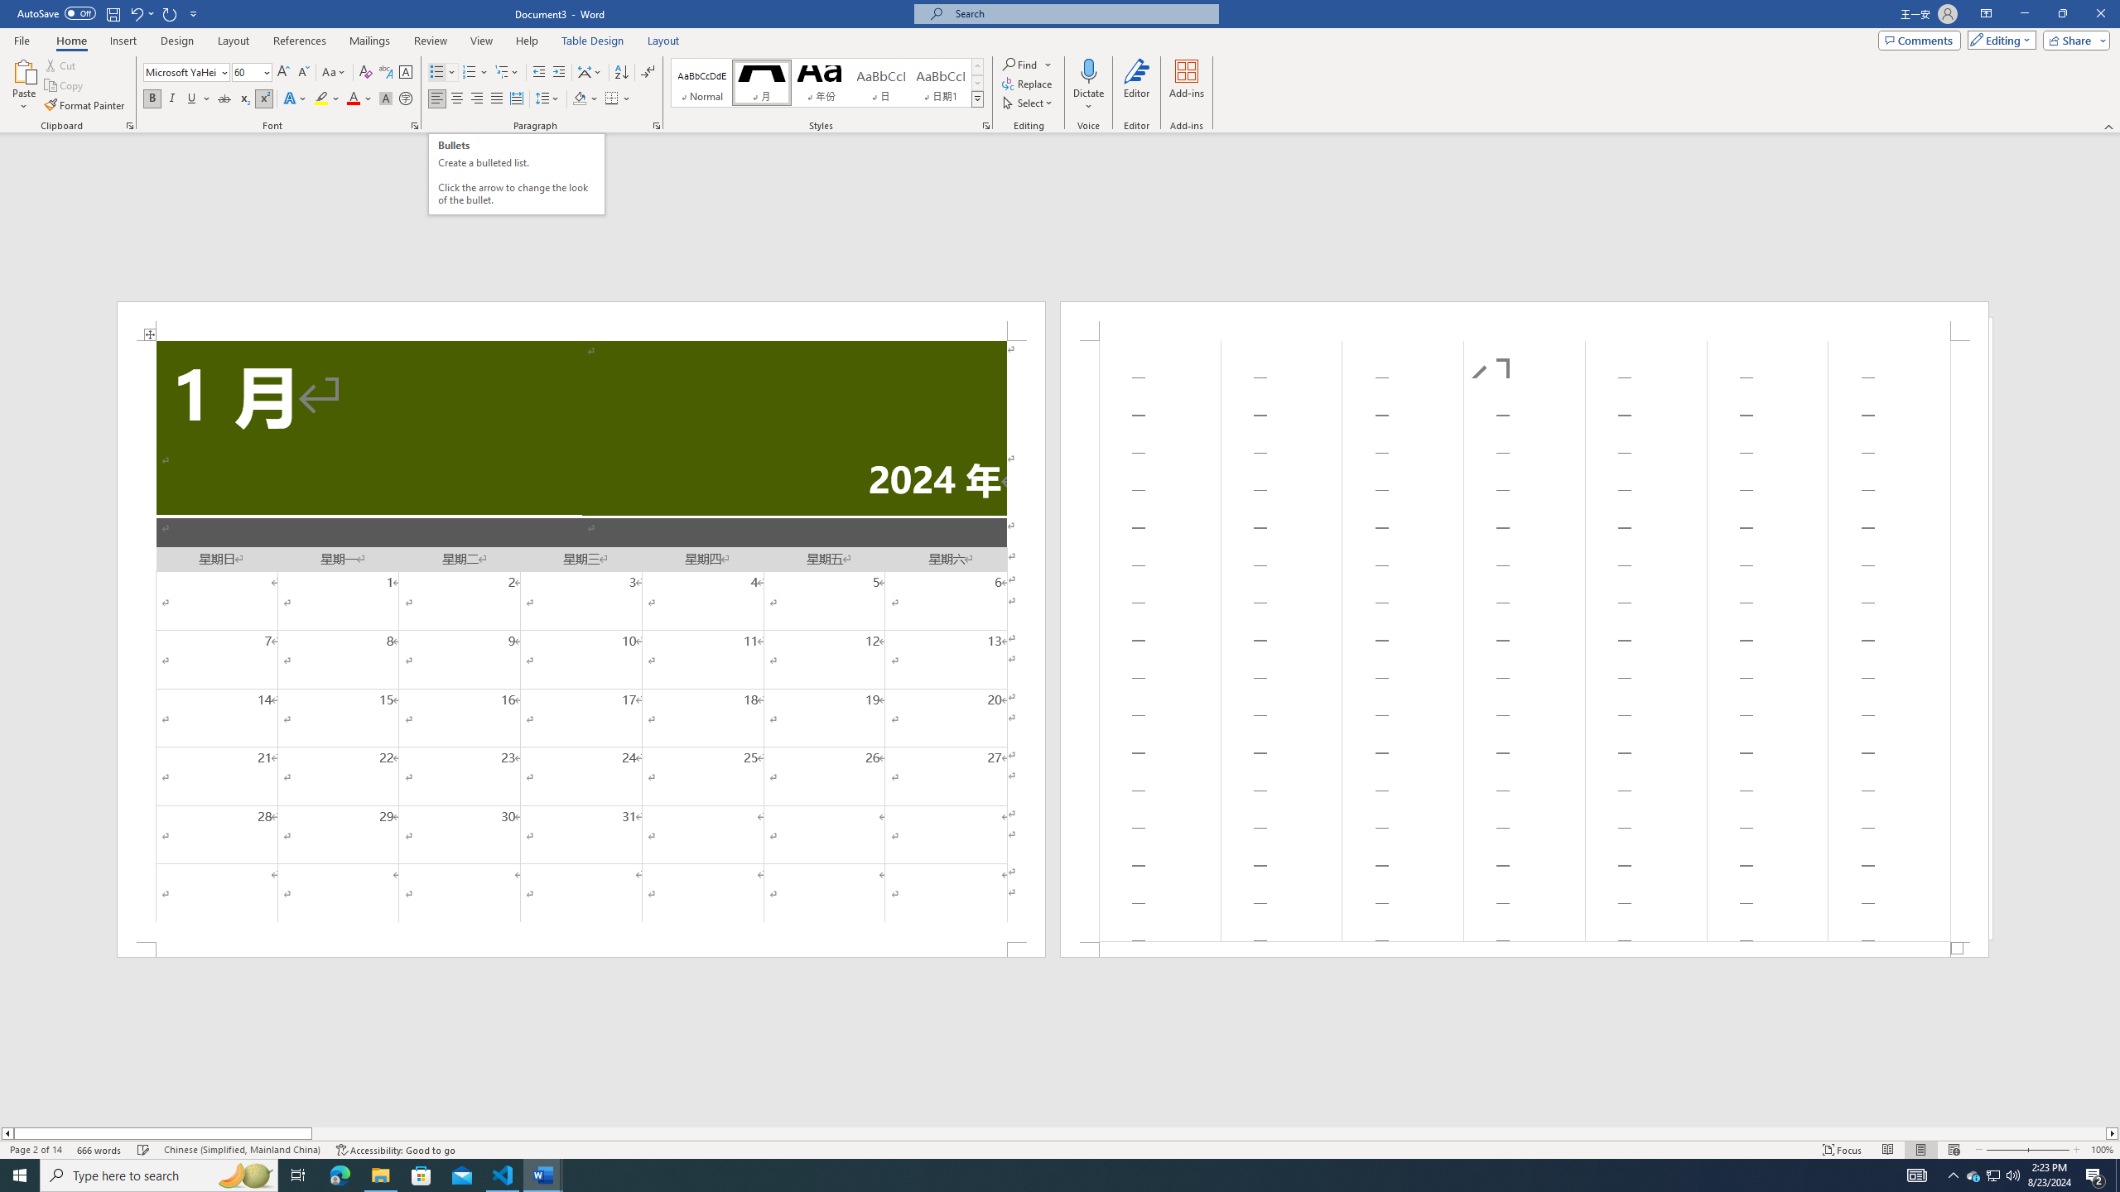 The width and height of the screenshot is (2120, 1192). Describe the element at coordinates (70, 41) in the screenshot. I see `'Home'` at that location.